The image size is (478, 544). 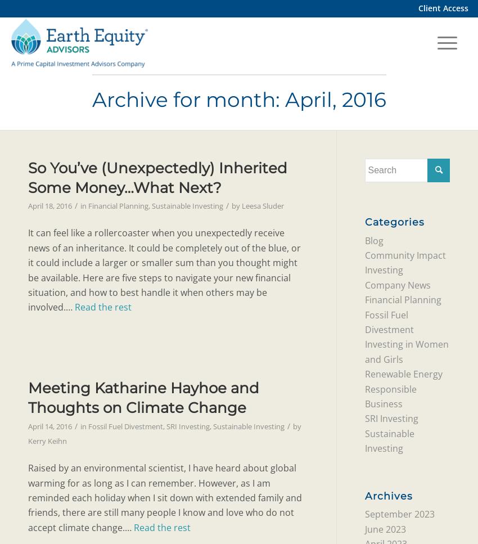 What do you see at coordinates (443, 8) in the screenshot?
I see `'Client Access'` at bounding box center [443, 8].